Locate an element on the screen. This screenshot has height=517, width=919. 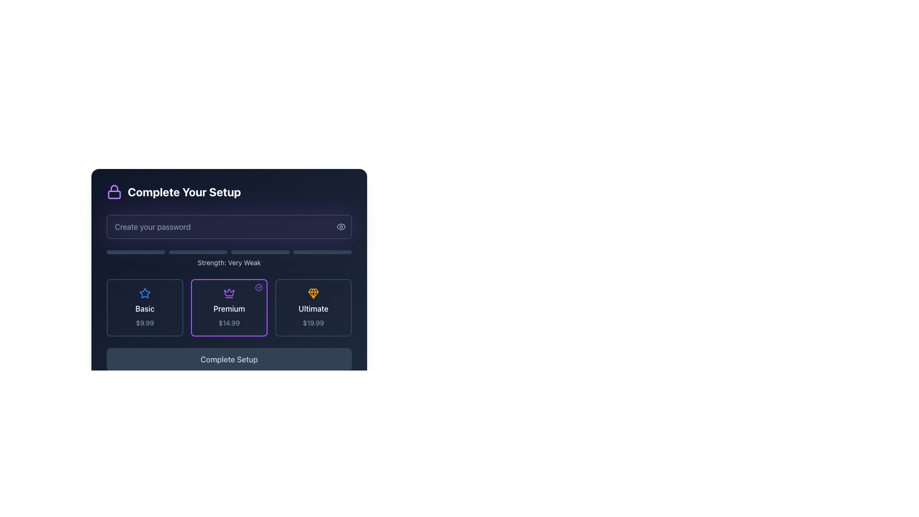
the purple crown icon located centrally within the 'Premium' card, which is positioned between the 'Basic' and 'Ultimate' cards in the subscription tier options for decorative purposes is located at coordinates (229, 292).